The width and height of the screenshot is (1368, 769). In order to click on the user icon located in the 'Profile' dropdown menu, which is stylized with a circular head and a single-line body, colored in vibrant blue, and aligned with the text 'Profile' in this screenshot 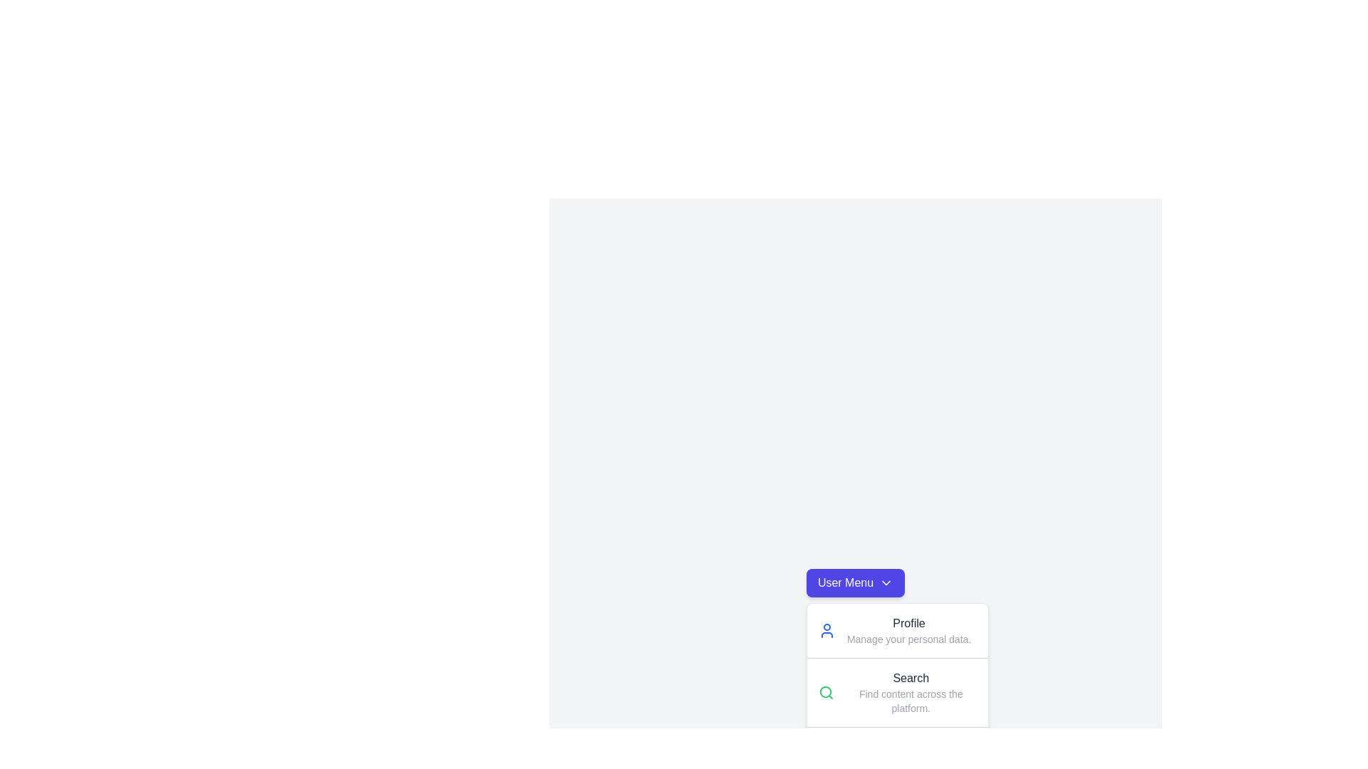, I will do `click(826, 630)`.